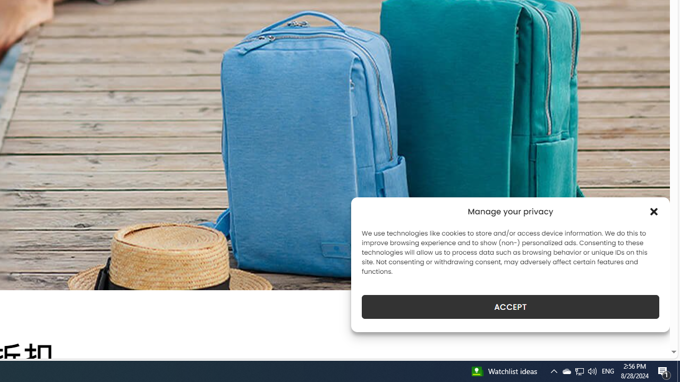 The height and width of the screenshot is (382, 680). What do you see at coordinates (653, 211) in the screenshot?
I see `'Class: cmplz-close'` at bounding box center [653, 211].